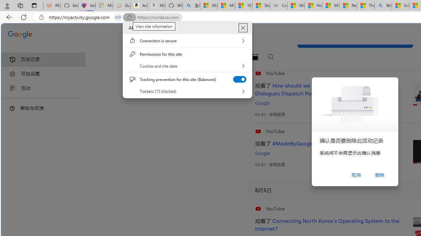 The image size is (421, 236). Describe the element at coordinates (87, 6) in the screenshot. I see `'Asthma Inhalers: Names and Types'` at that location.